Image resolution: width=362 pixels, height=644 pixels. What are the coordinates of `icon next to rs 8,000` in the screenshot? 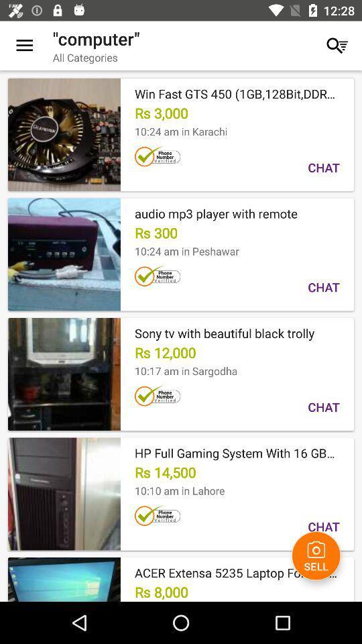 It's located at (316, 555).